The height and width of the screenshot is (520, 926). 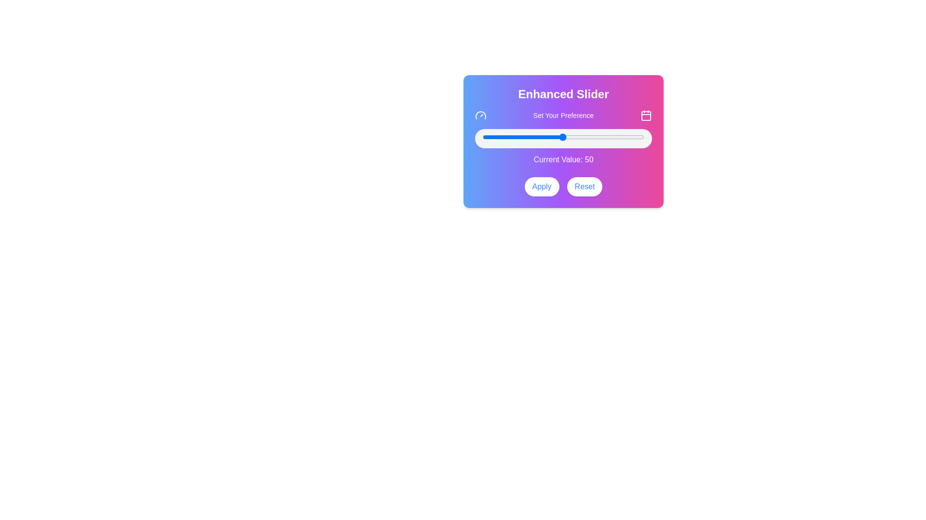 What do you see at coordinates (588, 137) in the screenshot?
I see `the slider value` at bounding box center [588, 137].